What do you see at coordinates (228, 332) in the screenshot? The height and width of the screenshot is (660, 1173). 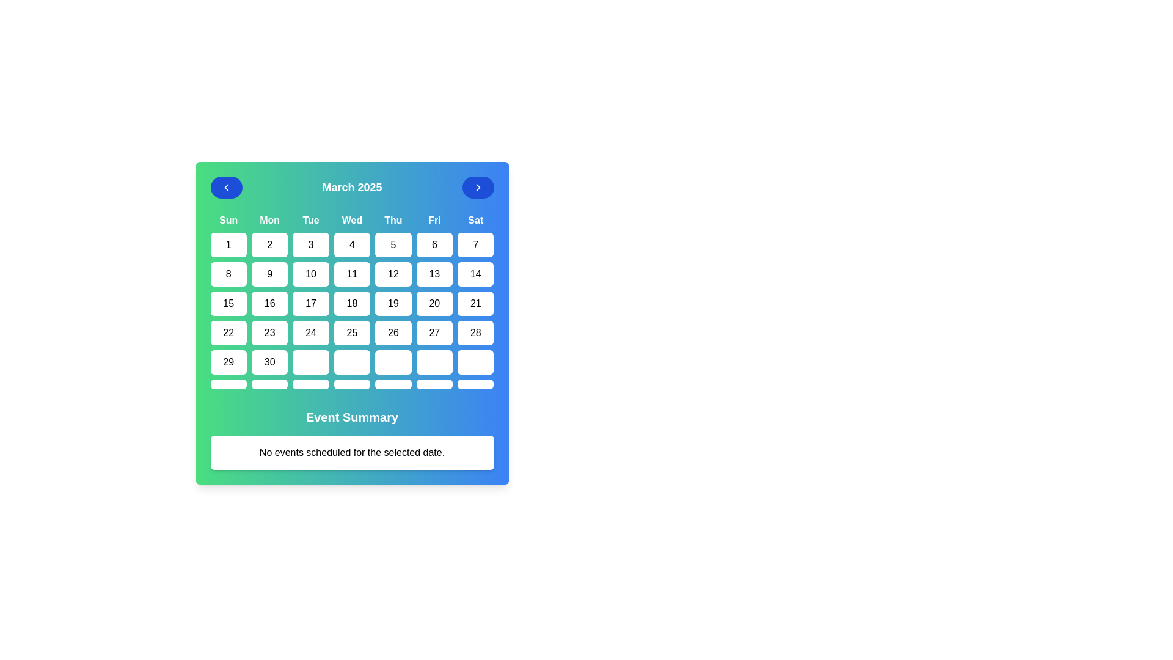 I see `the button representing the 22nd day of the month in the calendar grid layout, located in the fifth row under the 'Sun' header` at bounding box center [228, 332].